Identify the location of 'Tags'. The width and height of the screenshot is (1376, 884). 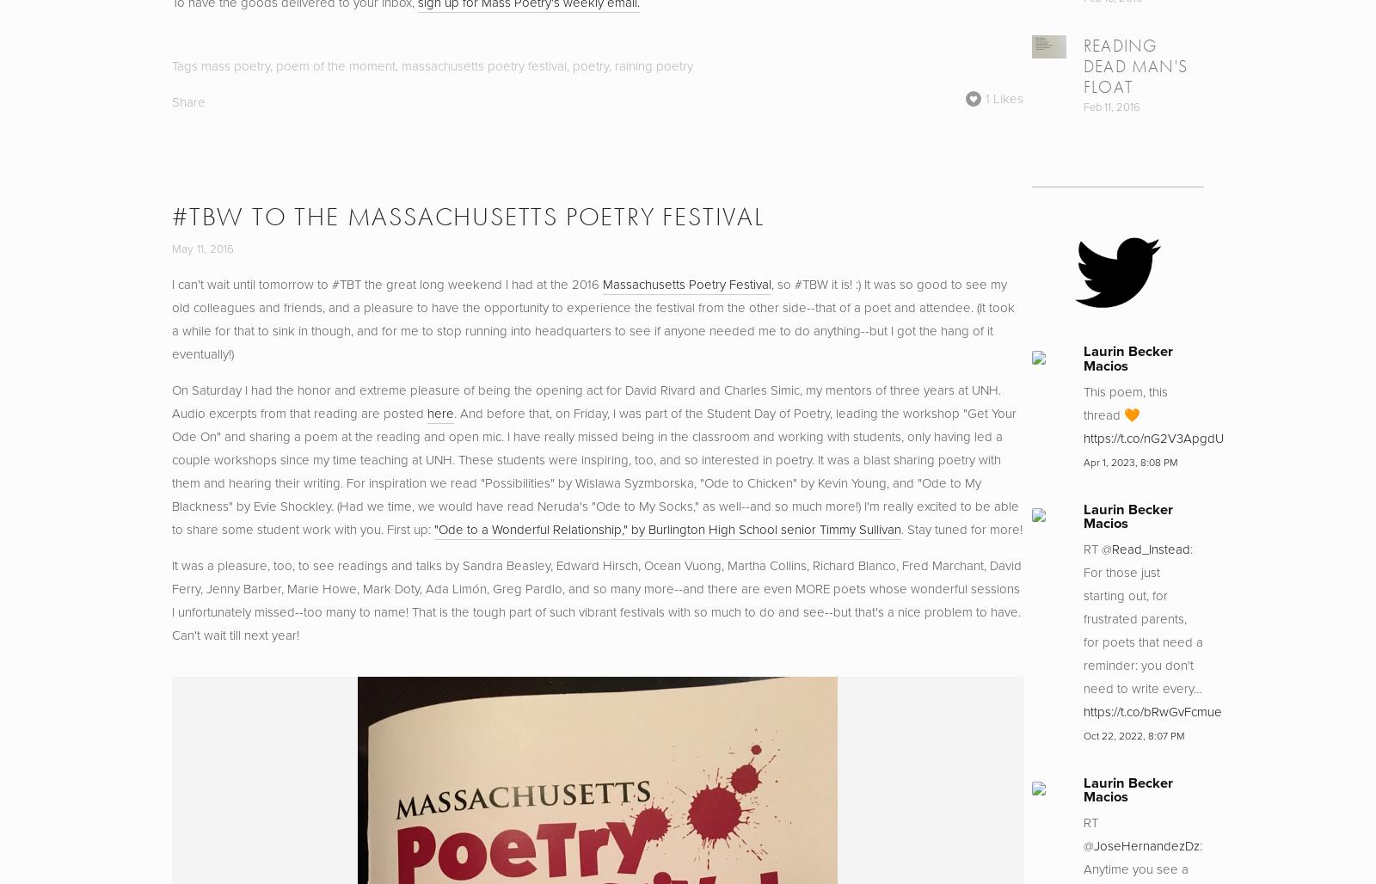
(185, 64).